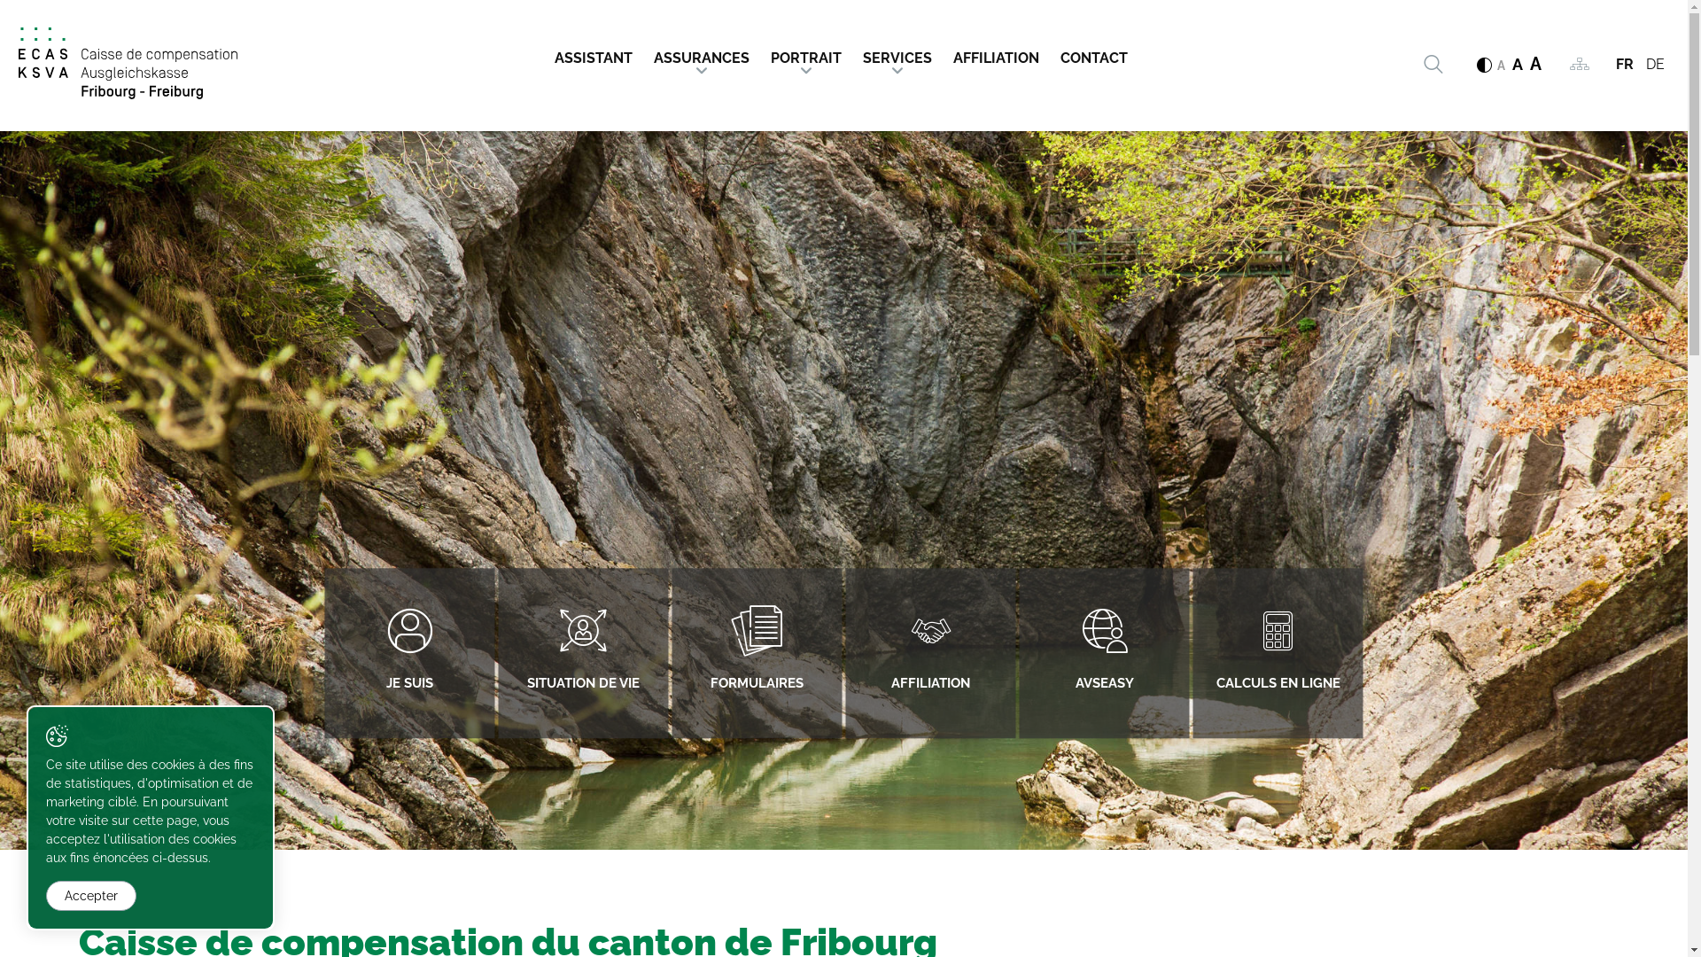  Describe the element at coordinates (598, 51) in the screenshot. I see `'ASSISTANT'` at that location.